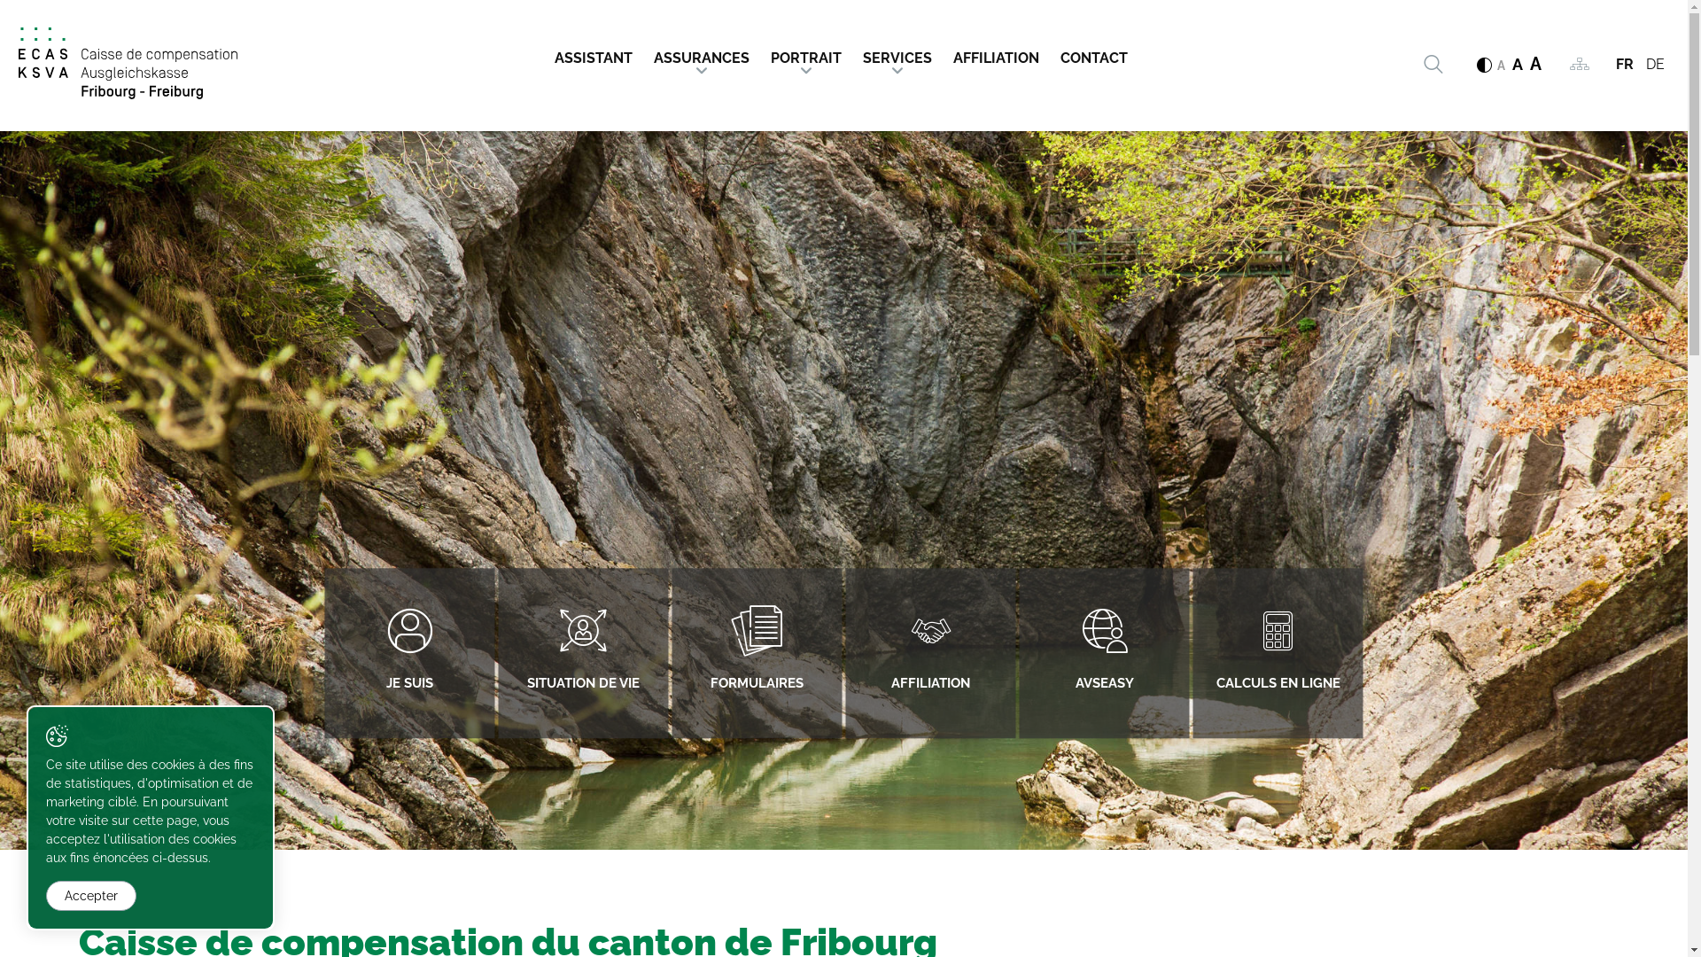  Describe the element at coordinates (598, 51) in the screenshot. I see `'ASSISTANT'` at that location.